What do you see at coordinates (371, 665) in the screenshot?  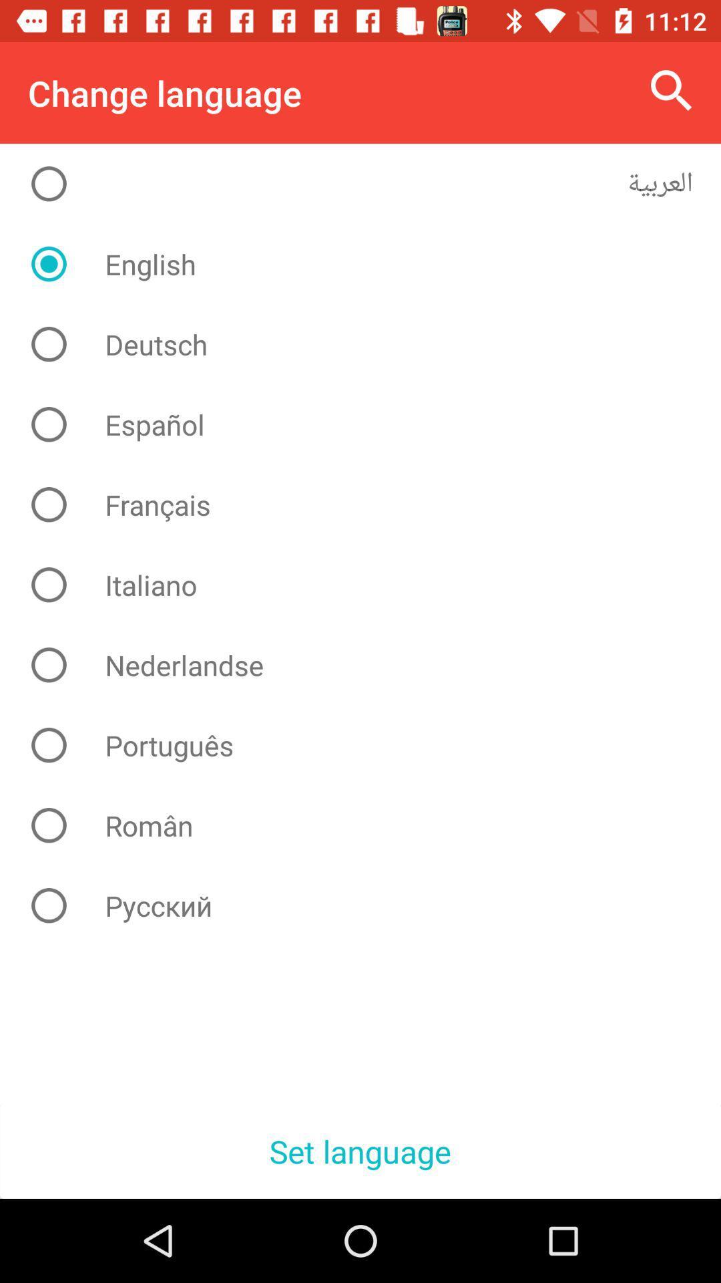 I see `the nederlandse icon` at bounding box center [371, 665].